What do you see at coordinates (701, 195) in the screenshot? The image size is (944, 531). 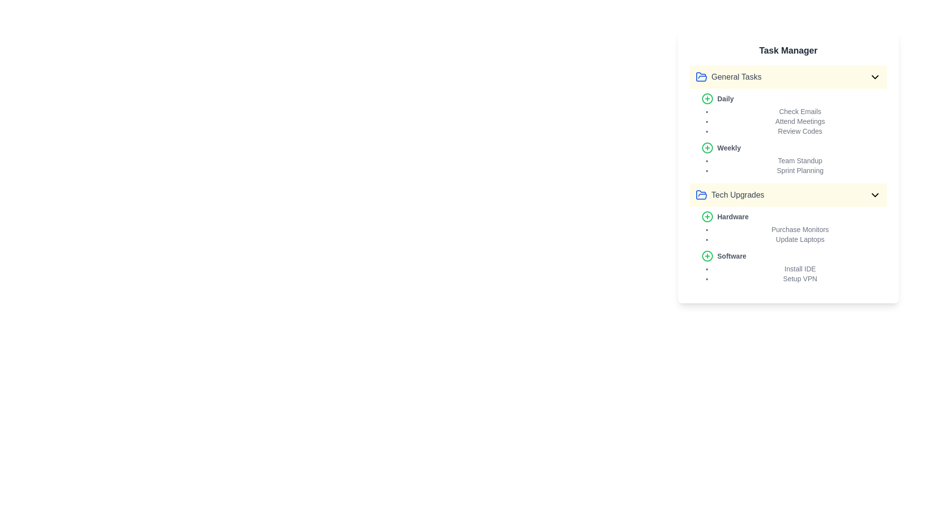 I see `the 'Tech Upgrades' Icon located in the left section of the 'Tech Upgrades' row in the sidebar, which serves as a category indicator` at bounding box center [701, 195].